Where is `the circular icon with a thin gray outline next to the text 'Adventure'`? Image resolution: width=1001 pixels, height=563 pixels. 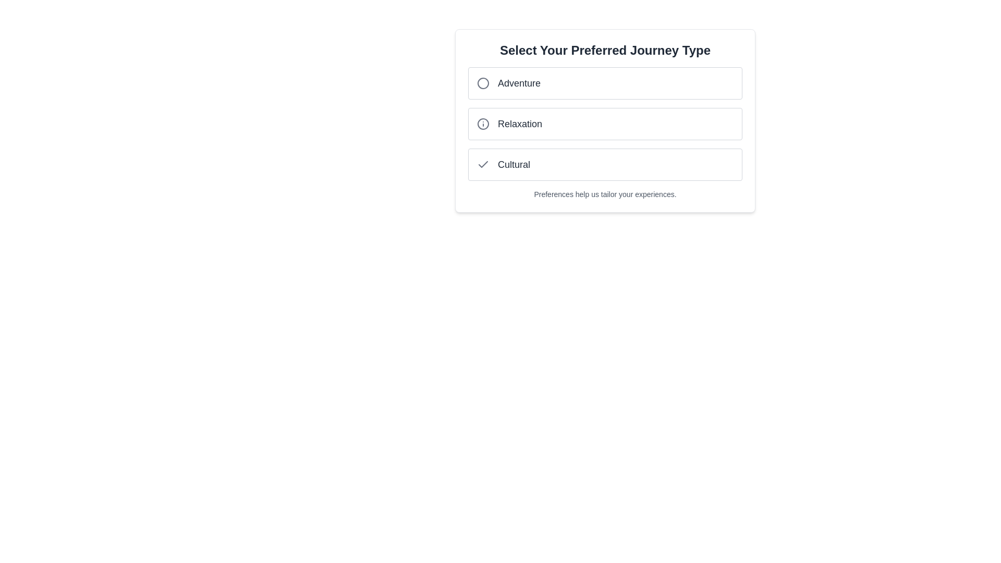
the circular icon with a thin gray outline next to the text 'Adventure' is located at coordinates (482, 82).